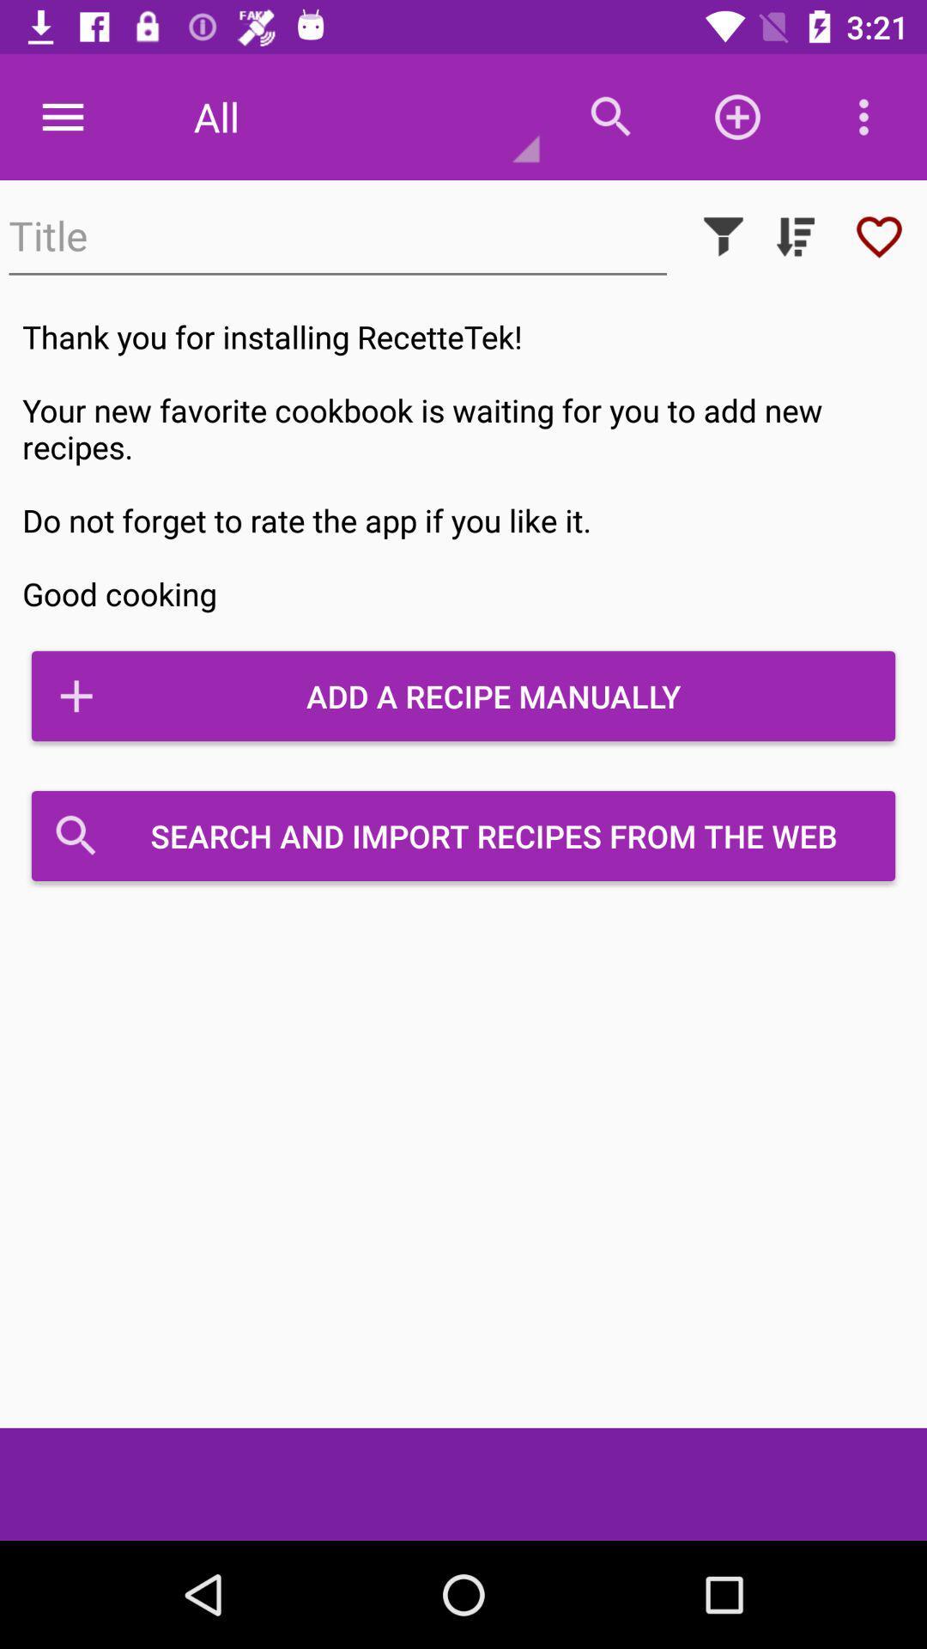  What do you see at coordinates (337, 235) in the screenshot?
I see `insert title` at bounding box center [337, 235].